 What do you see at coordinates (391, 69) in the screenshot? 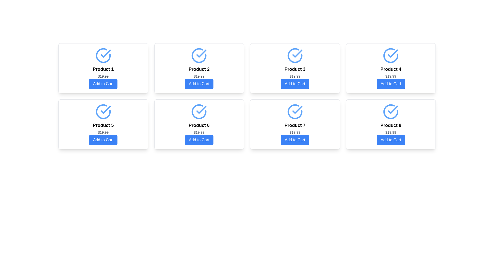
I see `the product name text label located in the second row, second column of the product cards grid, positioned below the icon and above the price text '$19.99'` at bounding box center [391, 69].